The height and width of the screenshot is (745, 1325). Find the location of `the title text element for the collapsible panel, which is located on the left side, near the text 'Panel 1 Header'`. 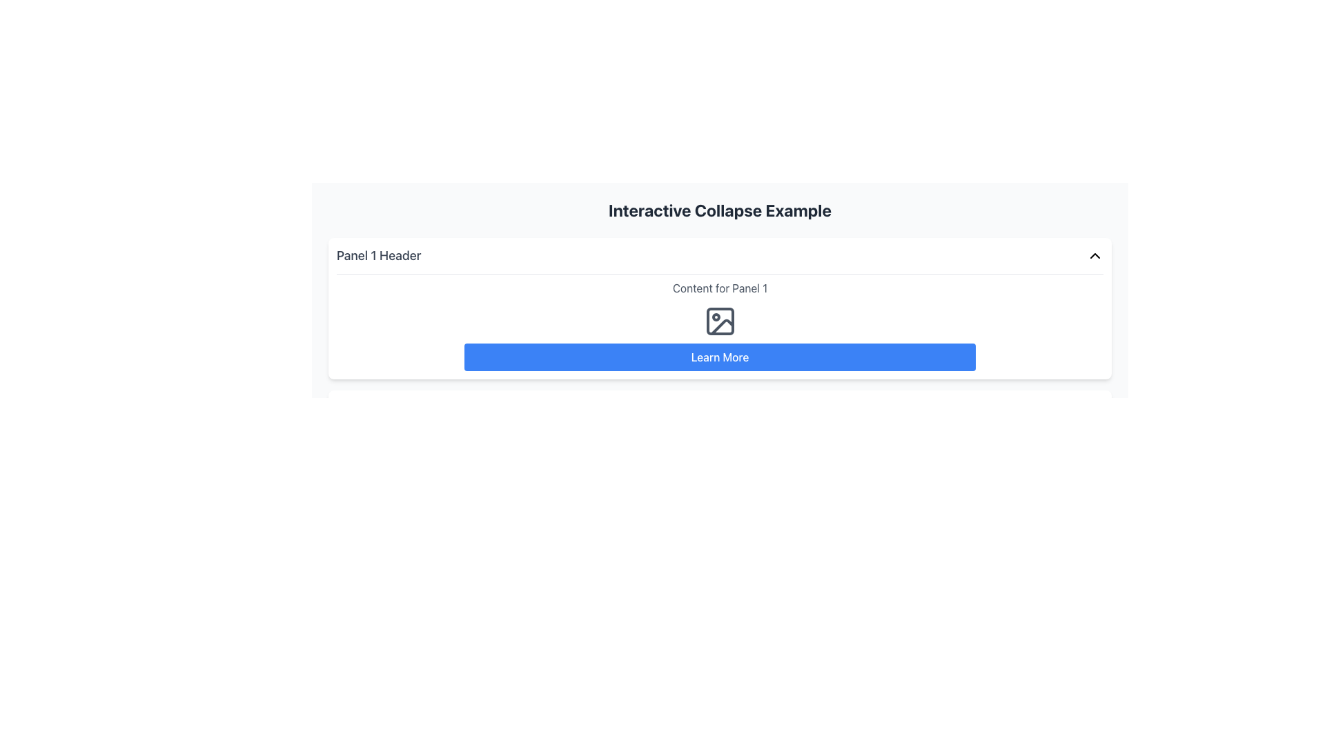

the title text element for the collapsible panel, which is located on the left side, near the text 'Panel 1 Header' is located at coordinates (379, 255).